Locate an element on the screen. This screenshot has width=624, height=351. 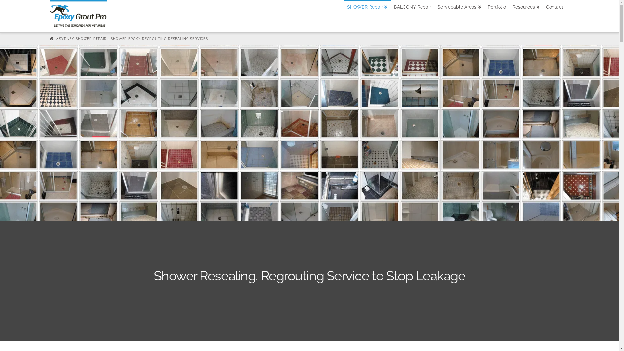
'Serviceable Areas' is located at coordinates (459, 16).